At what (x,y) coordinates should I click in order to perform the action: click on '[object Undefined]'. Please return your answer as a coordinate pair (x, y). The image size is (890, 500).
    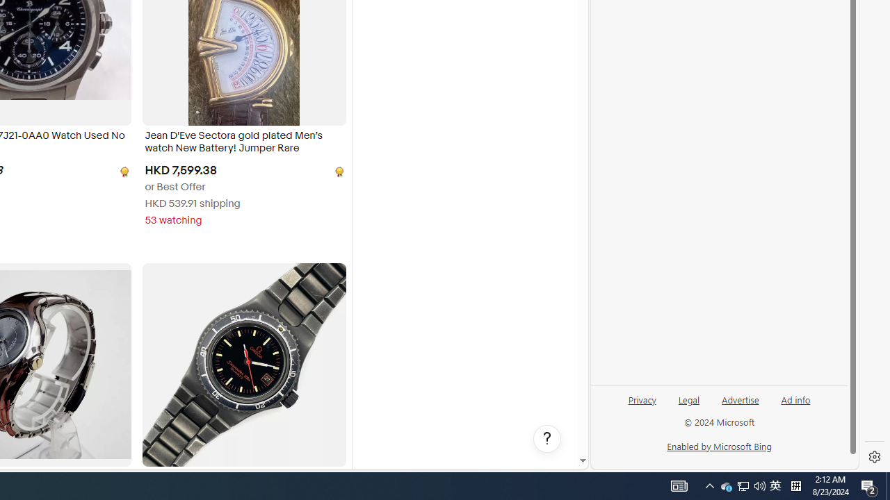
    Looking at the image, I should click on (338, 171).